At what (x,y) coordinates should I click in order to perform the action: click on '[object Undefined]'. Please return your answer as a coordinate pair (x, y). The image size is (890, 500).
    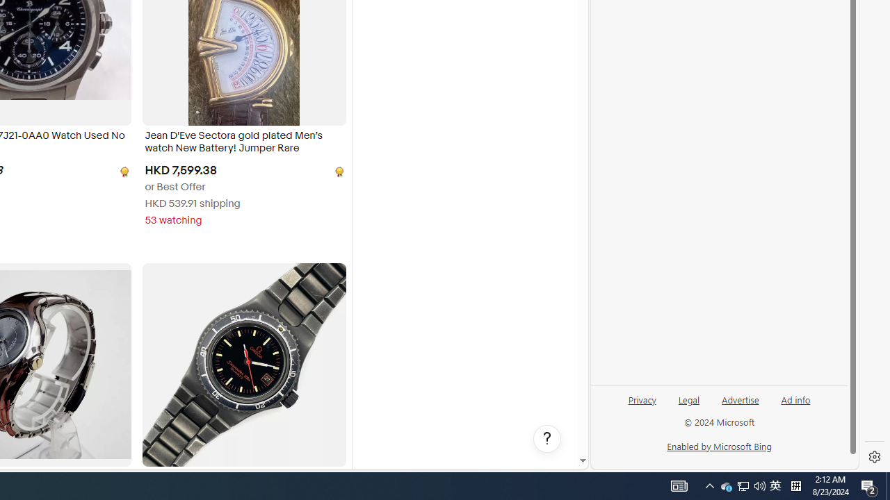
    Looking at the image, I should click on (338, 171).